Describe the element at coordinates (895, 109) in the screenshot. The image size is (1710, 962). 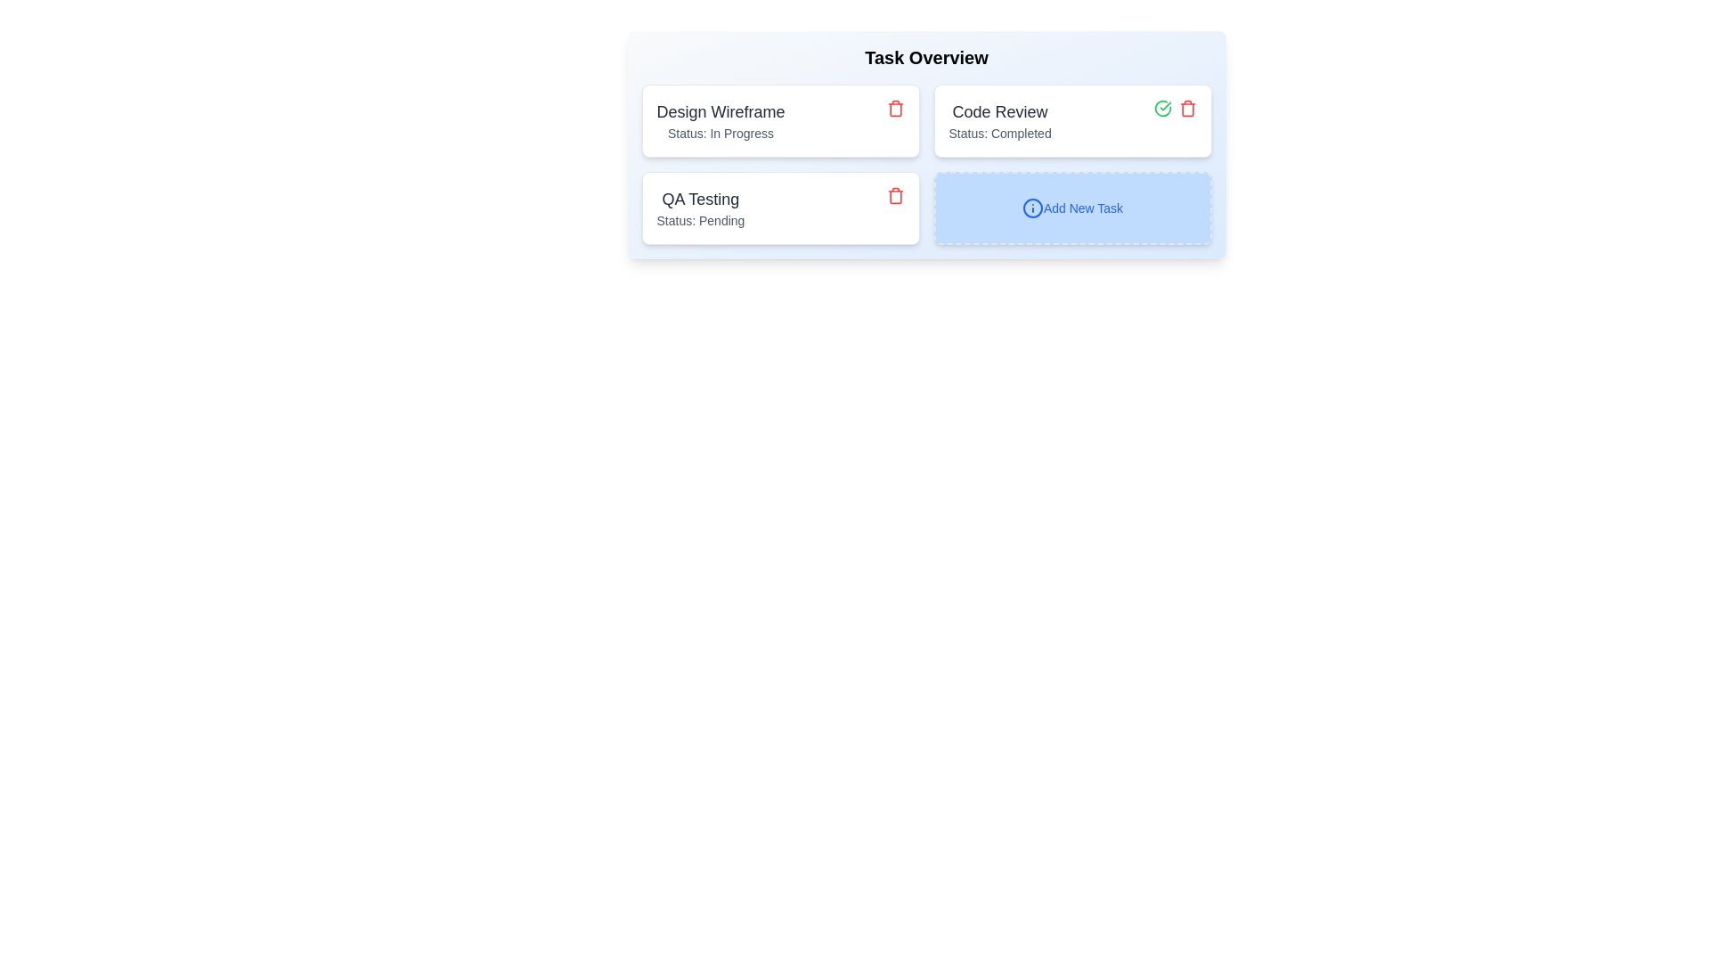
I see `the trash icon for the task titled 'Design Wireframe' to remove it` at that location.